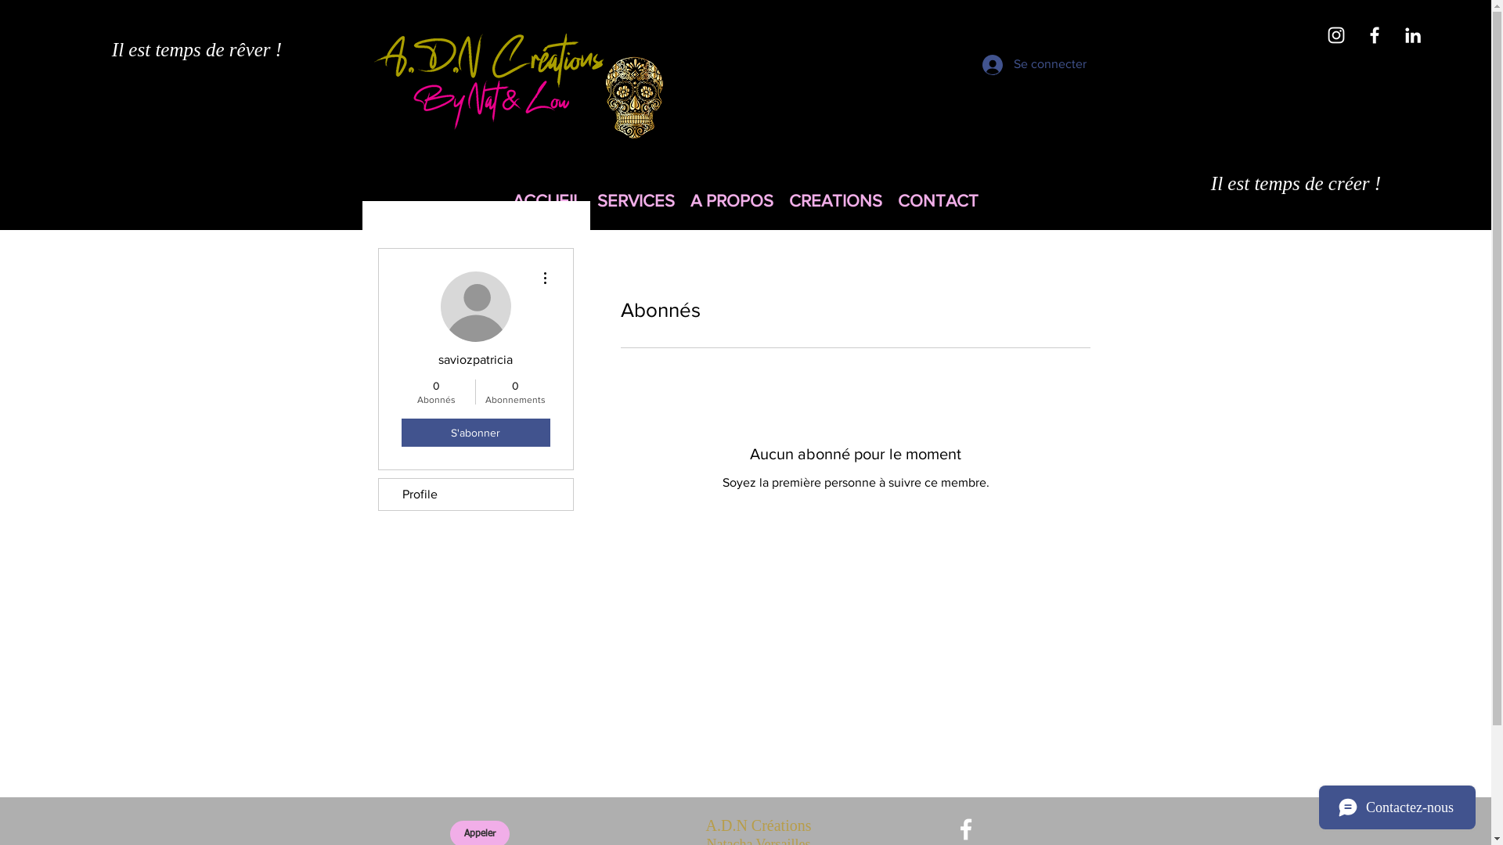 The width and height of the screenshot is (1503, 845). Describe the element at coordinates (636, 200) in the screenshot. I see `'SERVICES'` at that location.